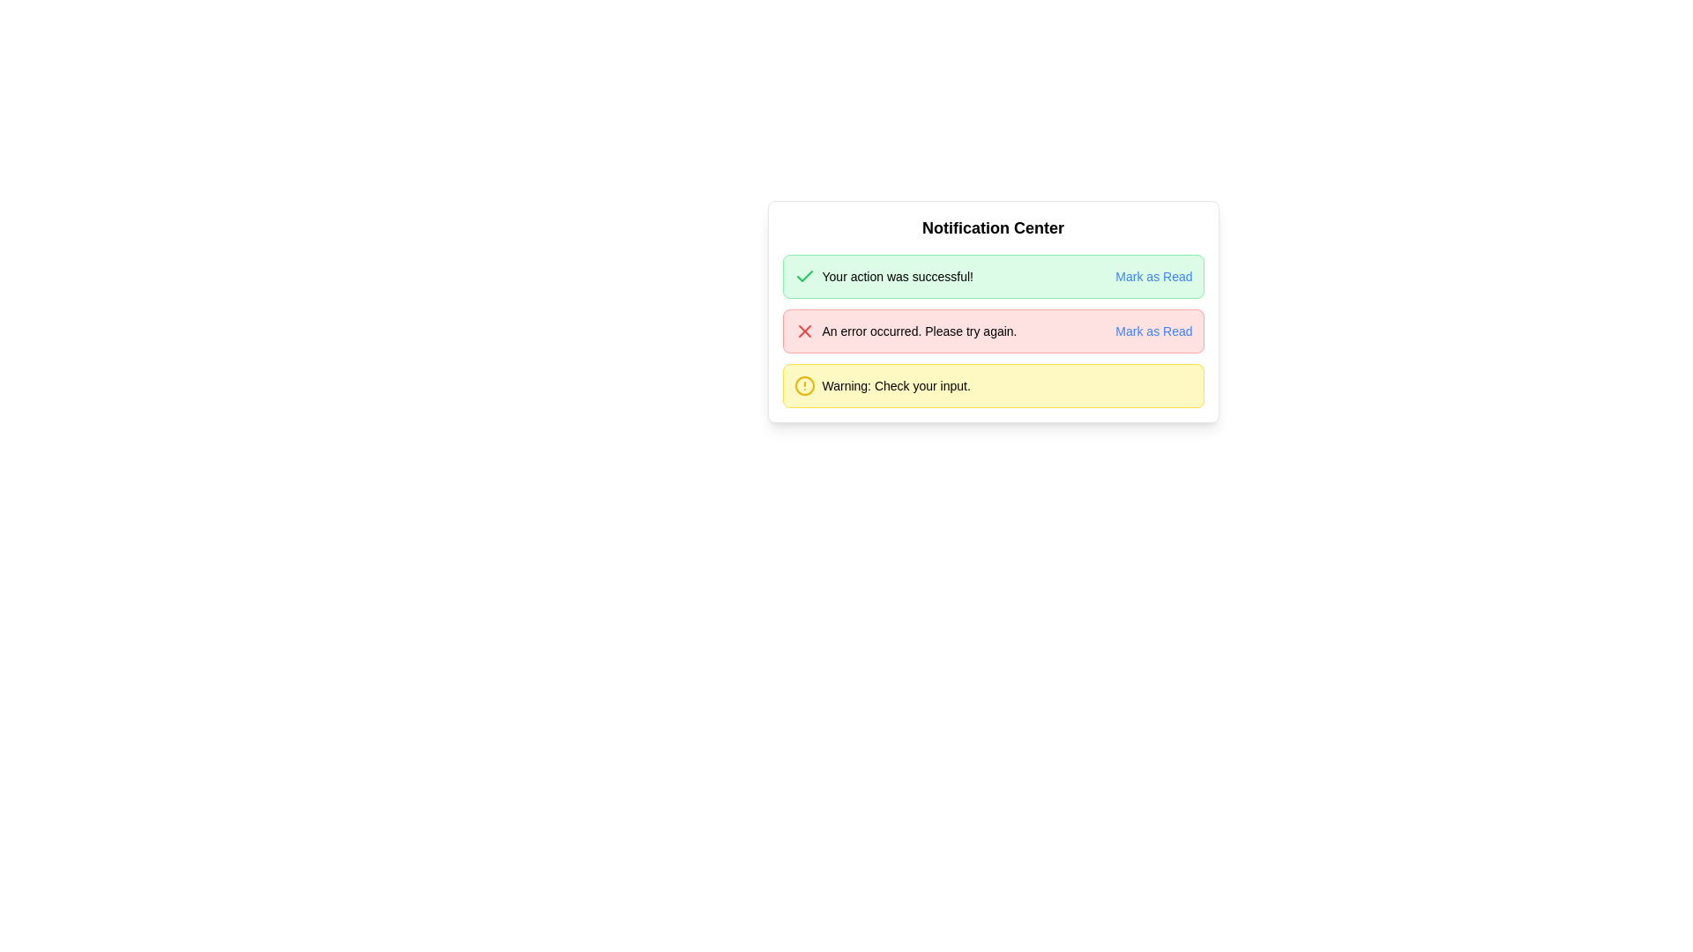  Describe the element at coordinates (993, 227) in the screenshot. I see `the title text label 'Notification Center' which is prominently displayed at the top of the notification interface` at that location.